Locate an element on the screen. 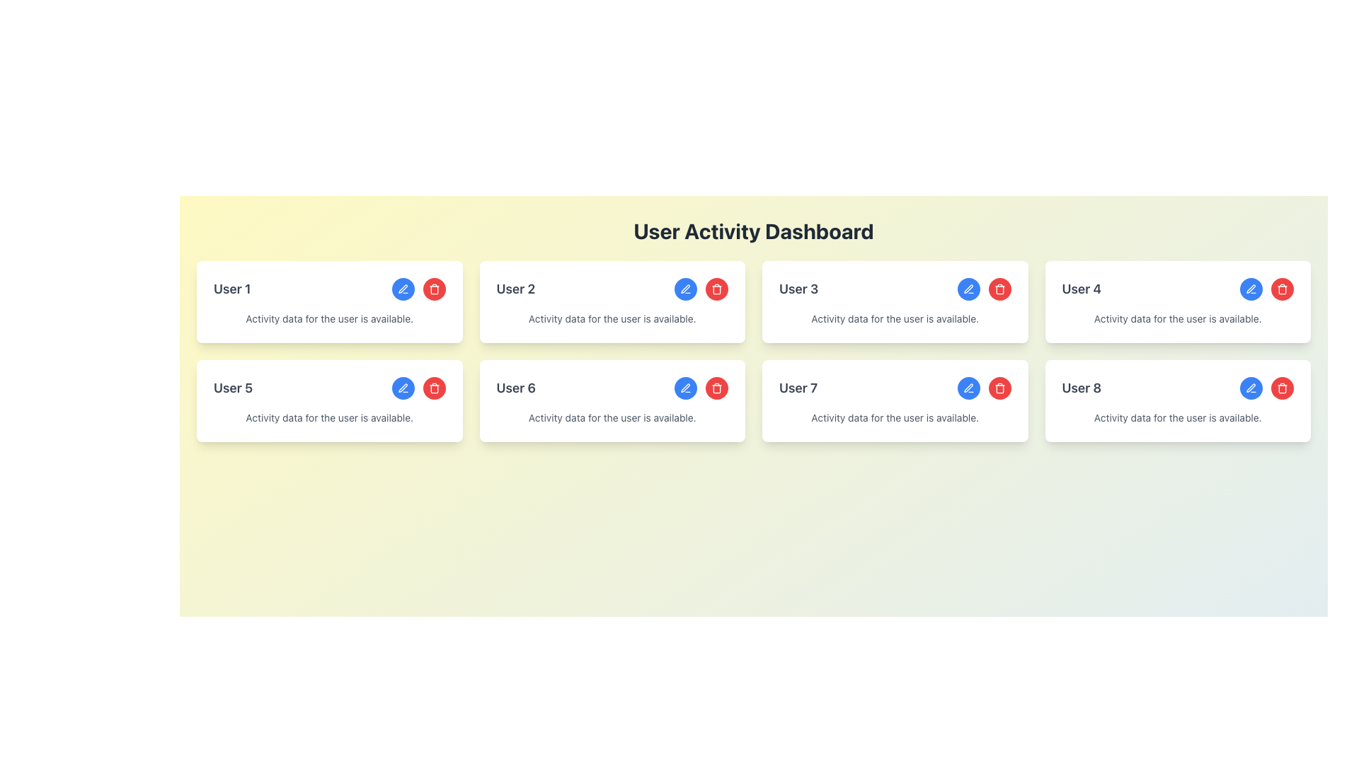 The width and height of the screenshot is (1359, 764). the action group located at the top-right corner of the 'User 2' card is located at coordinates (701, 288).